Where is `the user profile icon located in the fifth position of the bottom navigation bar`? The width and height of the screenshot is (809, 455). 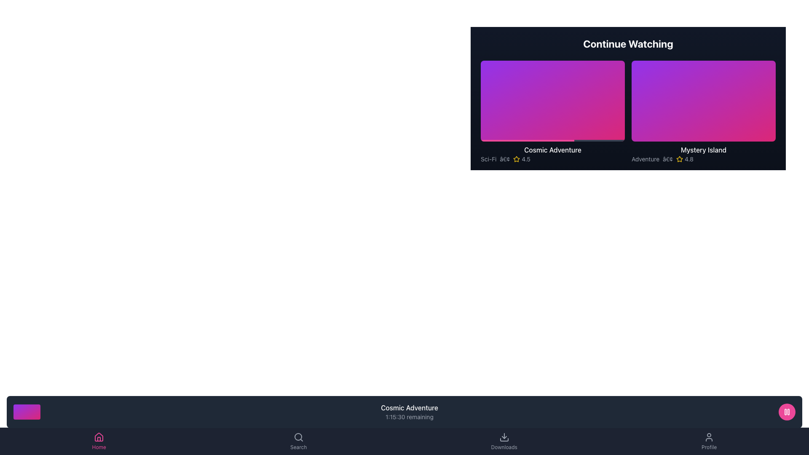
the user profile icon located in the fifth position of the bottom navigation bar is located at coordinates (709, 436).